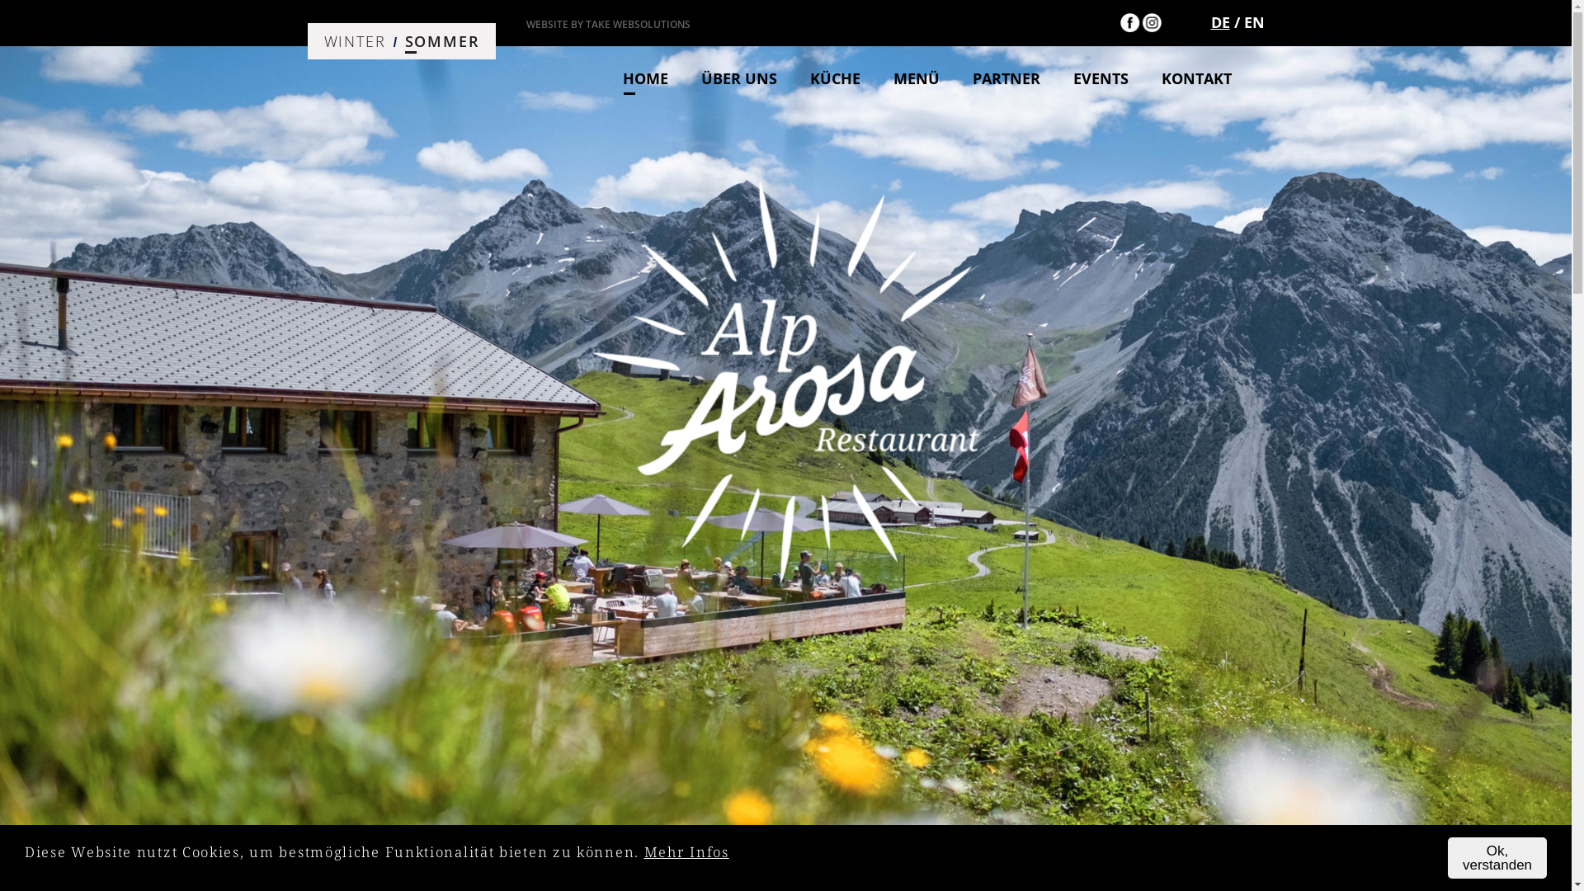 This screenshot has height=891, width=1584. What do you see at coordinates (442, 40) in the screenshot?
I see `'SOMMER'` at bounding box center [442, 40].